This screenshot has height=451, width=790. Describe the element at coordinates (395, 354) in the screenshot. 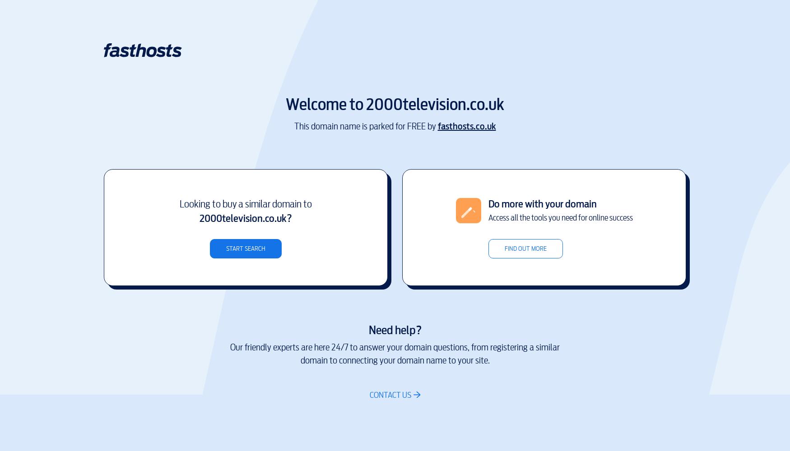

I see `'Our friendly experts are here 24/7 to answer your domain questions, from registering a similar domain to connecting your domain name to your site.'` at that location.